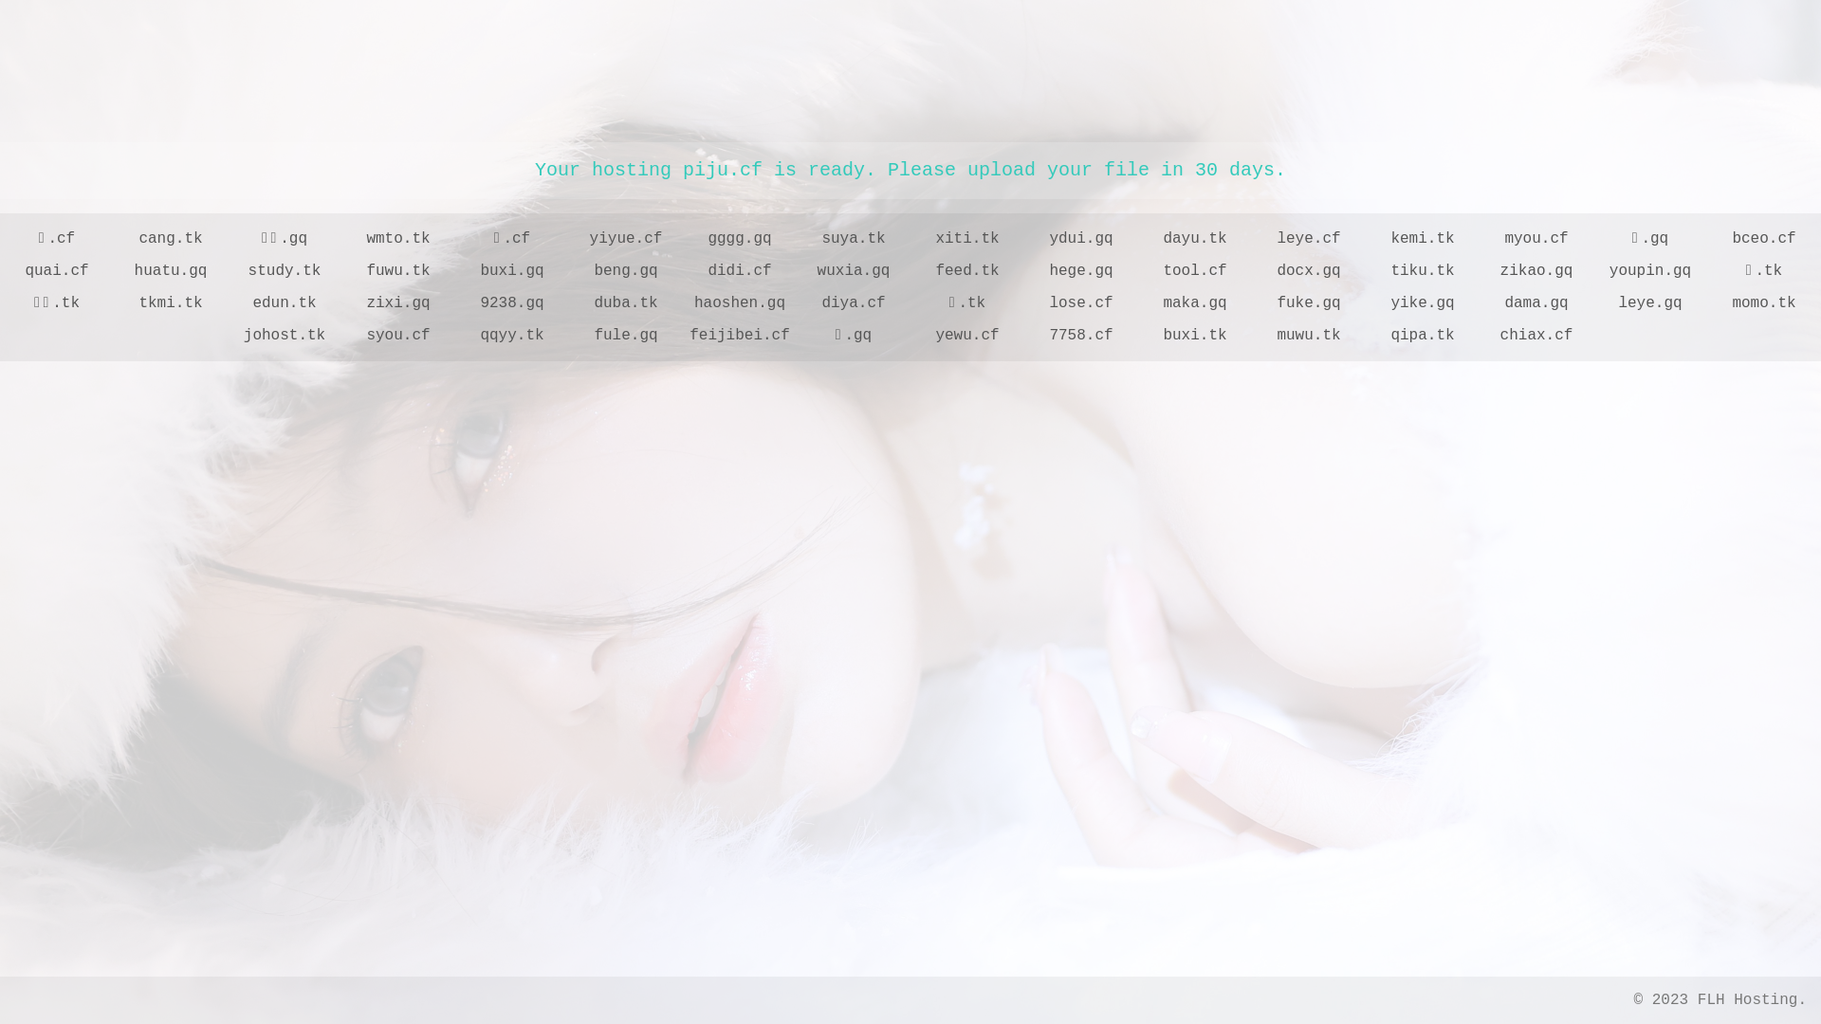 The width and height of the screenshot is (1821, 1024). I want to click on 'fuke.gq', so click(1308, 302).